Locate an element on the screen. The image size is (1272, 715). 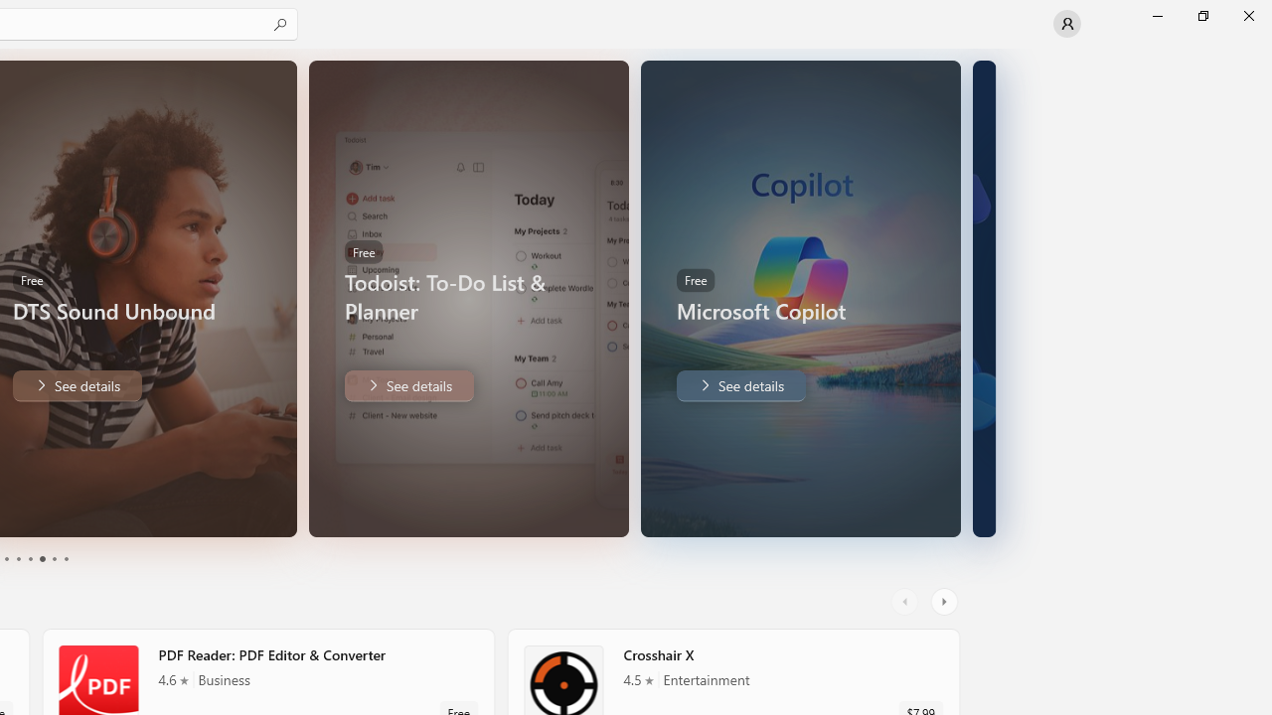
'Page 2' is located at coordinates (17, 559).